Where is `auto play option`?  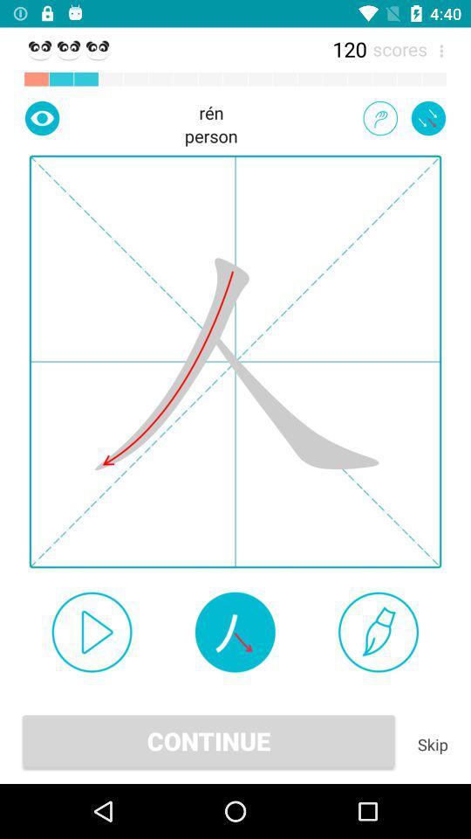 auto play option is located at coordinates (92, 631).